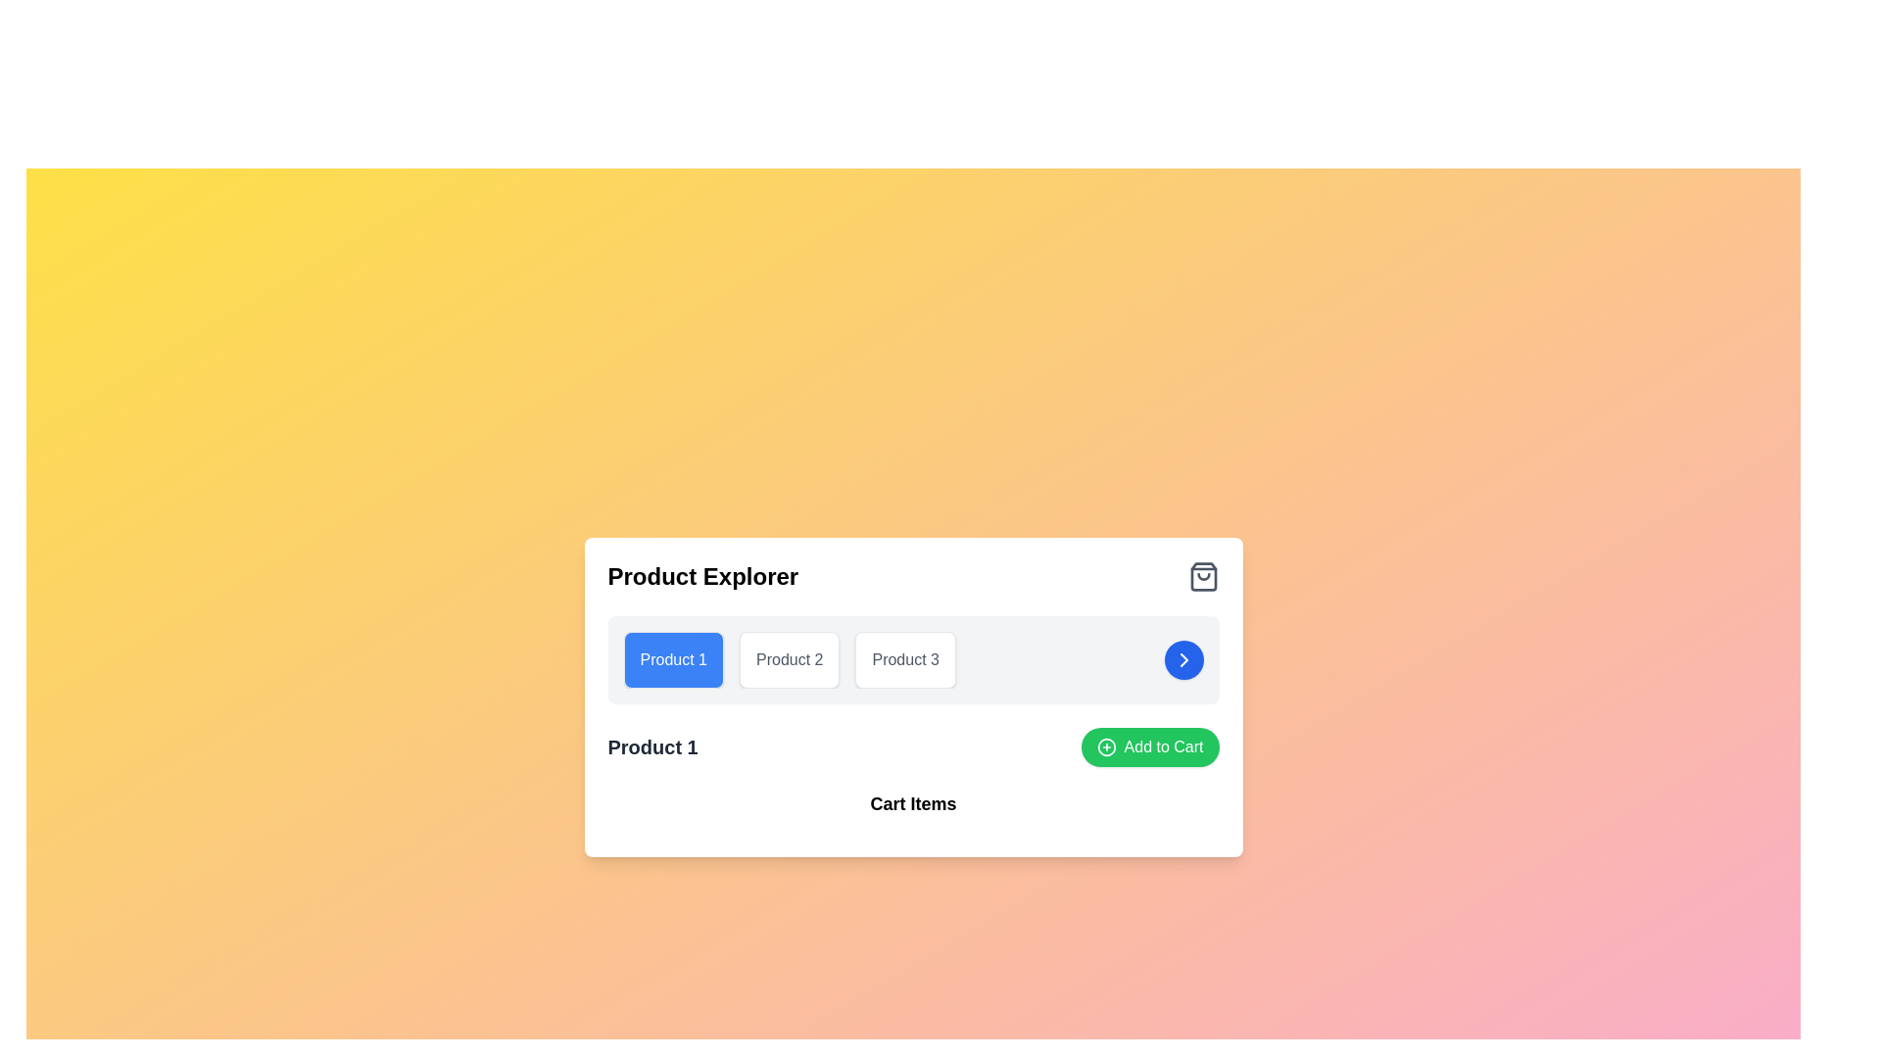 Image resolution: width=1881 pixels, height=1058 pixels. Describe the element at coordinates (904, 659) in the screenshot. I see `the text label displaying 'Product 3', which is located in the center area of the 'Product Explorer' section, aligned with the buttons 'Product 1' and 'Product 2'` at that location.